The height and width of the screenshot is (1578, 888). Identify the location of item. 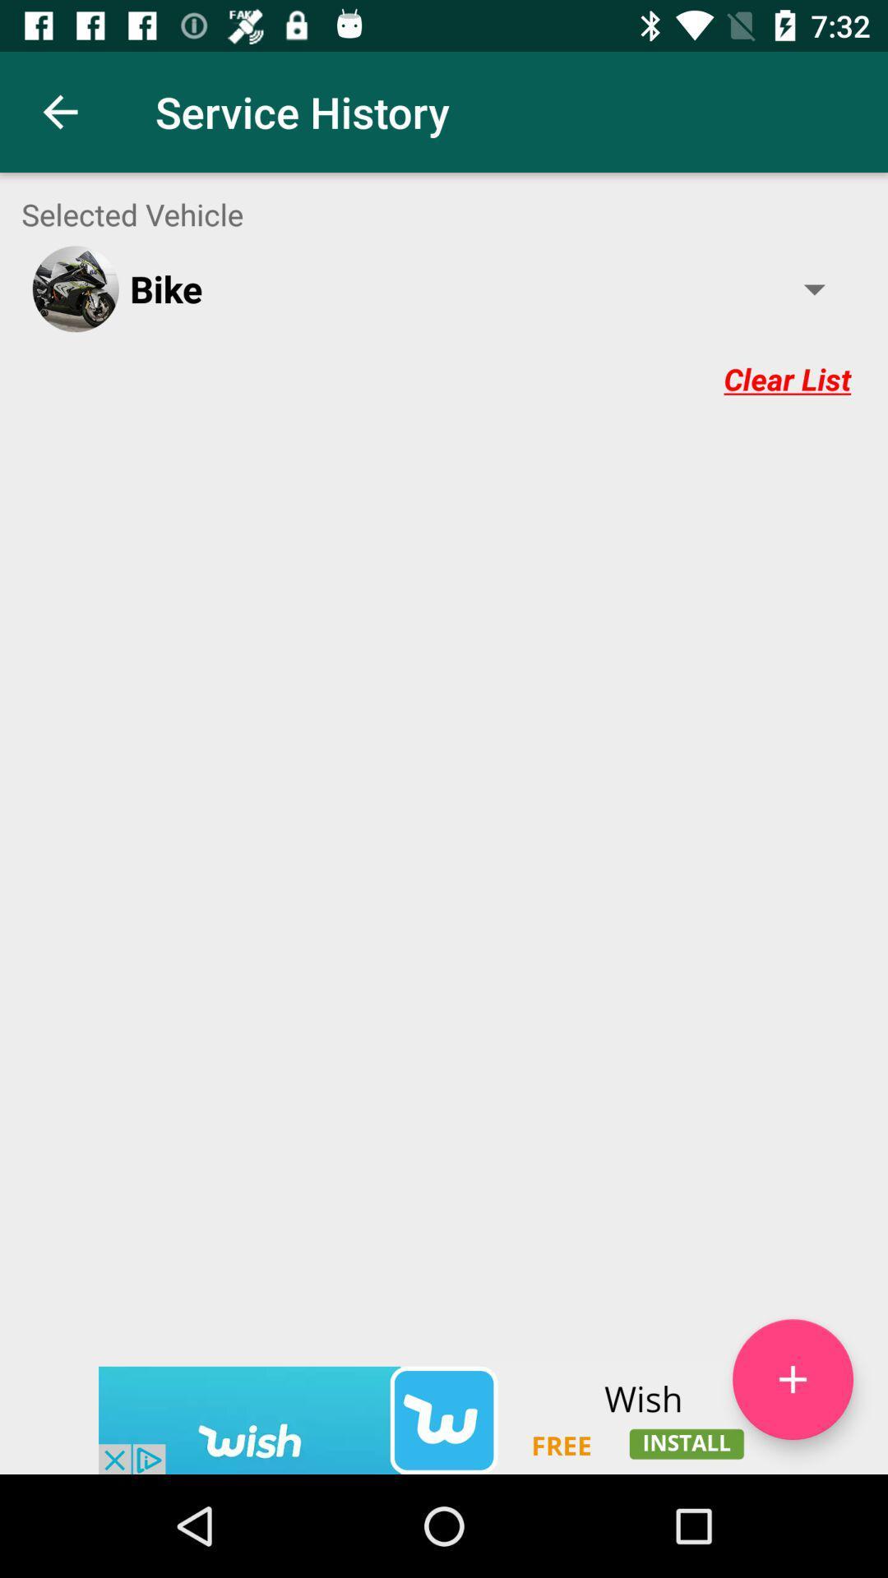
(792, 1379).